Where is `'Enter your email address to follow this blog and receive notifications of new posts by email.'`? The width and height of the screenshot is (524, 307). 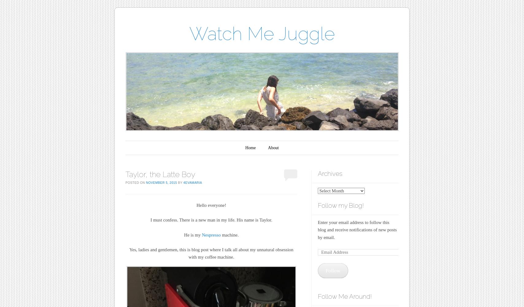 'Enter your email address to follow this blog and receive notifications of new posts by email.' is located at coordinates (357, 229).